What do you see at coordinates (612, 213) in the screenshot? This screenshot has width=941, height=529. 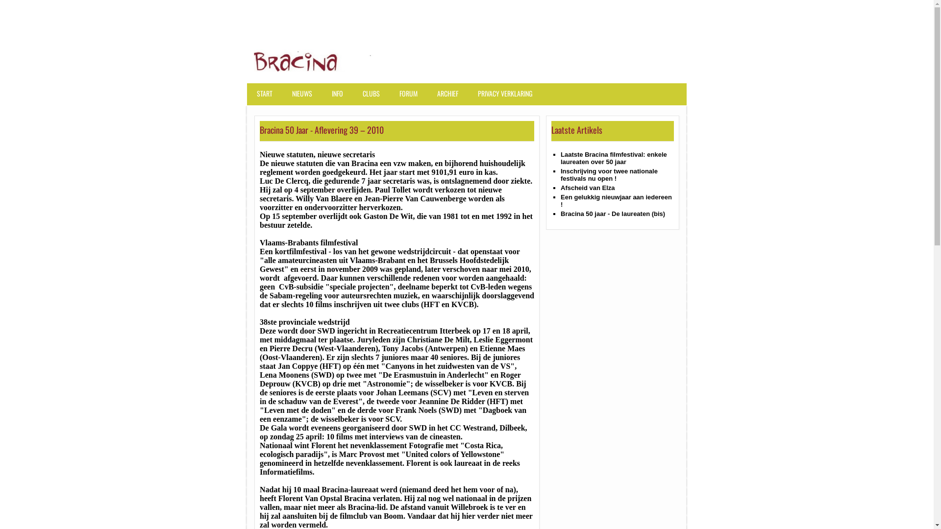 I see `'Bracina 50 jaar - De laureaten (bis)'` at bounding box center [612, 213].